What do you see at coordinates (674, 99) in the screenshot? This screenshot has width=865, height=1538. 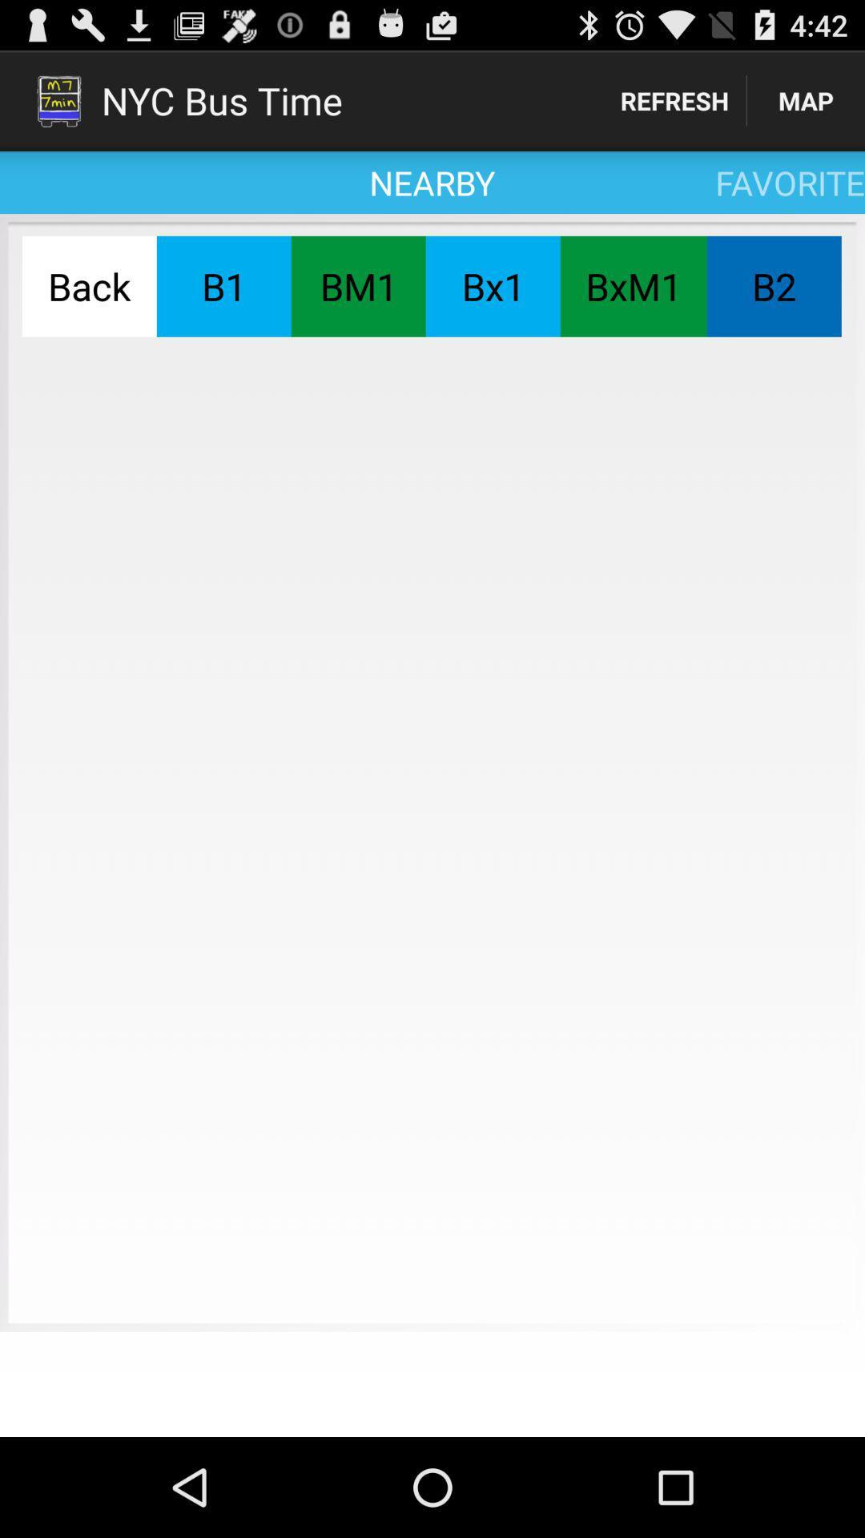 I see `the app next to the nearby app` at bounding box center [674, 99].